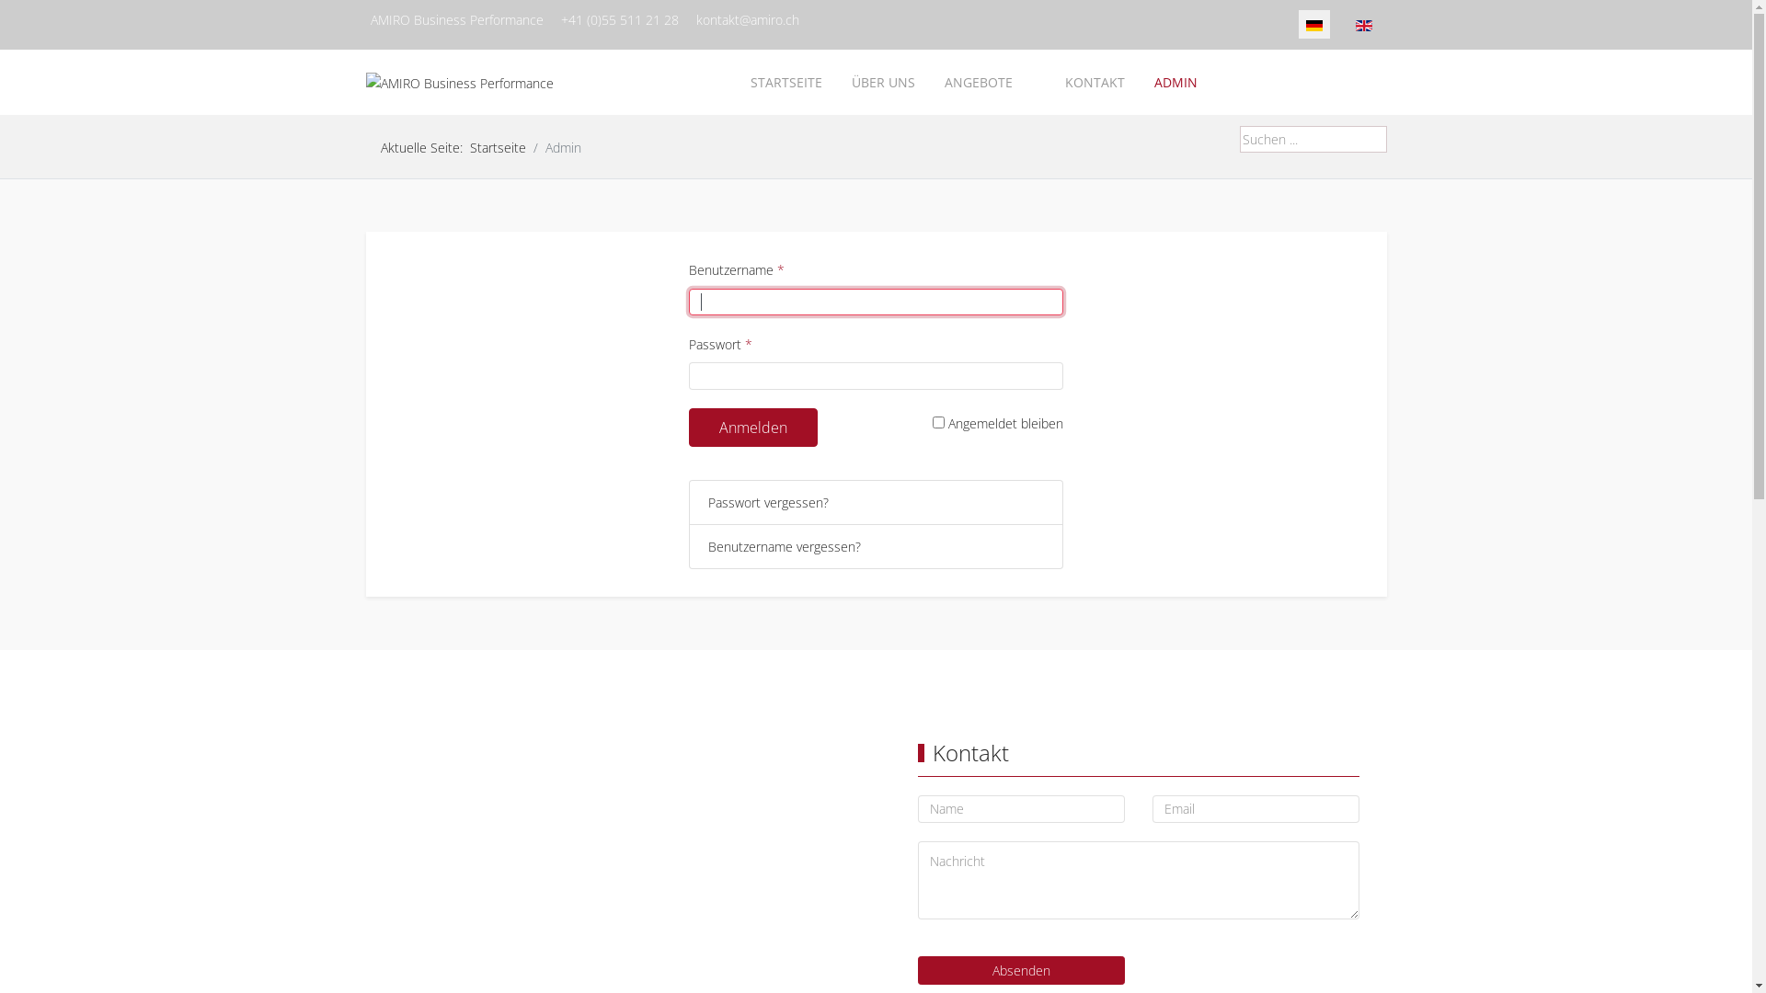 The width and height of the screenshot is (1766, 993). I want to click on 'Startseite', so click(497, 146).